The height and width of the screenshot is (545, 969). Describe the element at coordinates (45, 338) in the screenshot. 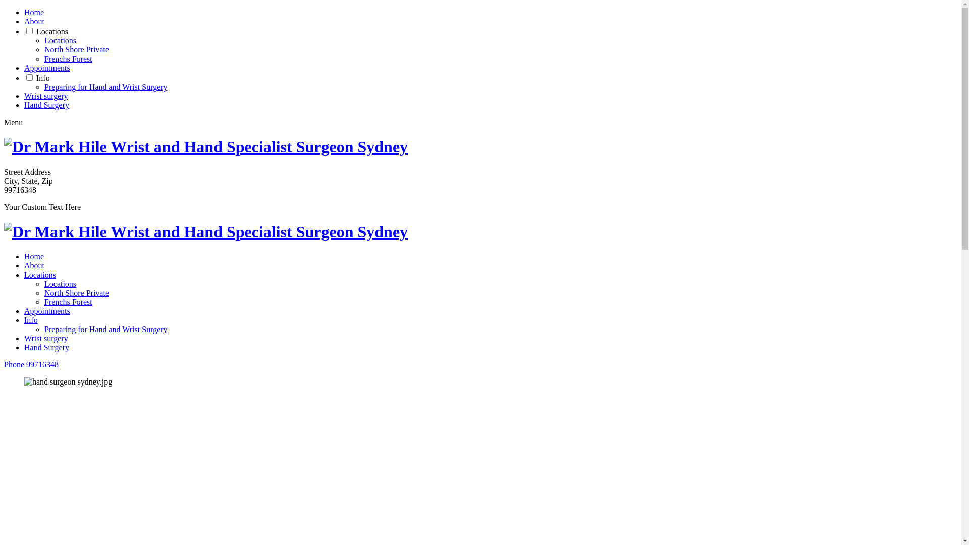

I see `'Wrist surgery'` at that location.